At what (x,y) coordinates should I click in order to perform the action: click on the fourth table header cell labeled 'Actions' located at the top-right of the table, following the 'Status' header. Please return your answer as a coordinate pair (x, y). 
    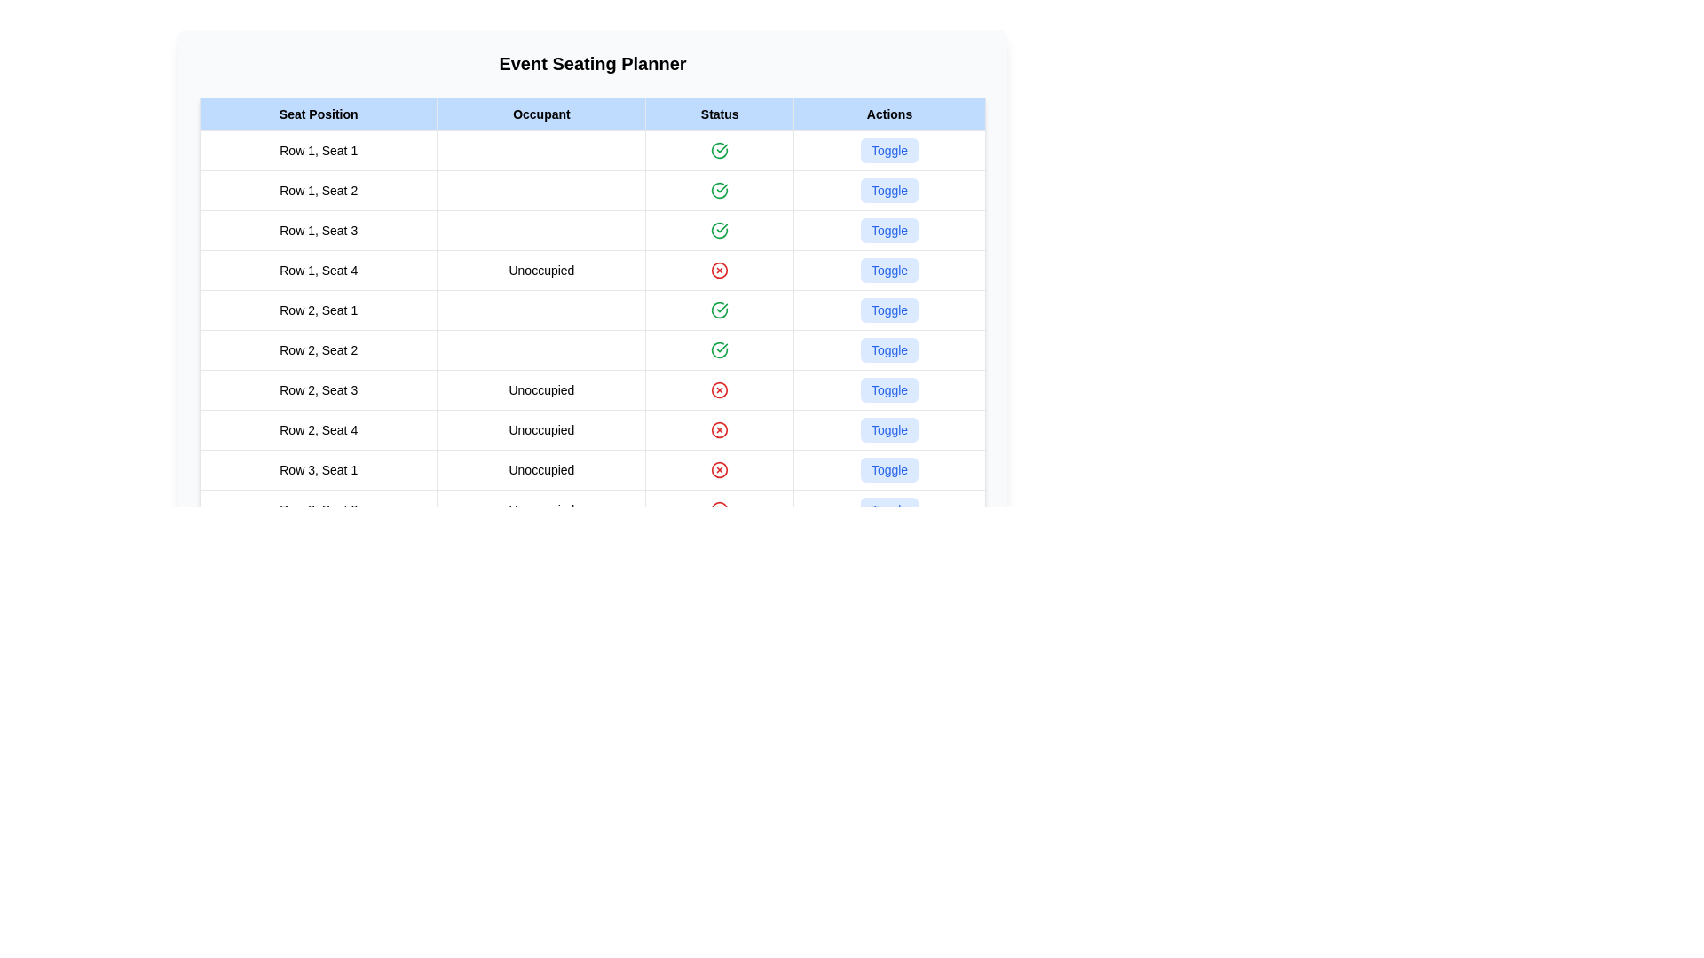
    Looking at the image, I should click on (889, 114).